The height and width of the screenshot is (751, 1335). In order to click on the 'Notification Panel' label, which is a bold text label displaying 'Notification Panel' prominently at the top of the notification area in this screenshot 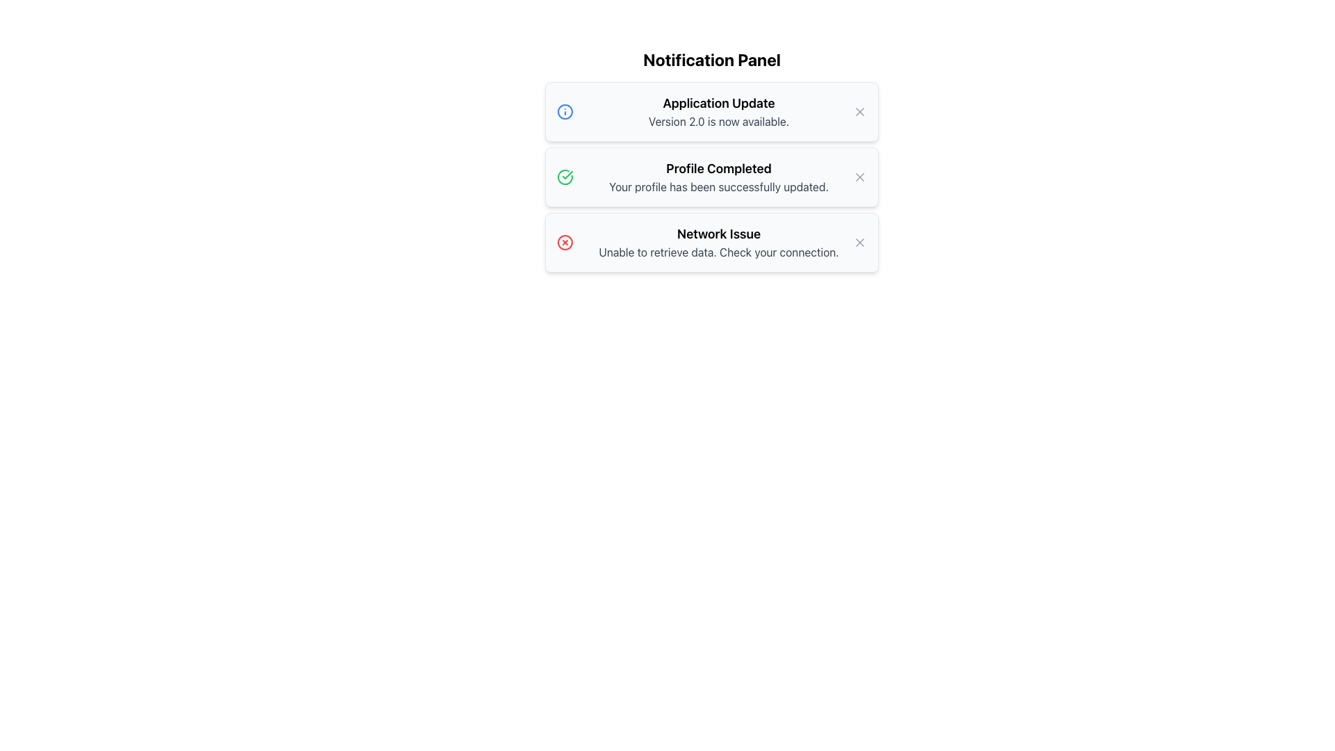, I will do `click(711, 58)`.